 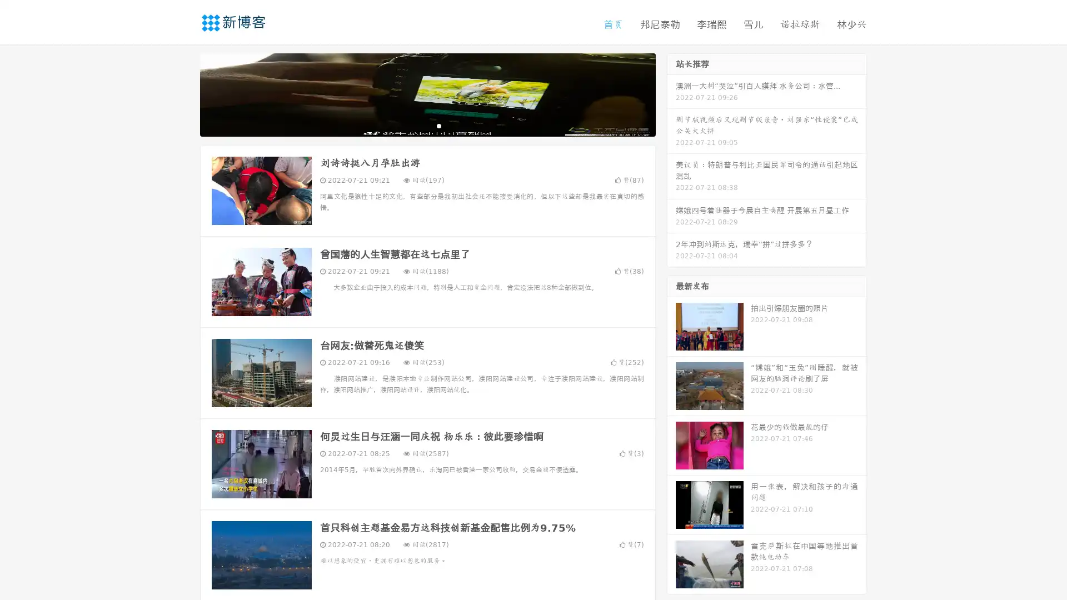 What do you see at coordinates (427, 125) in the screenshot?
I see `Go to slide 2` at bounding box center [427, 125].